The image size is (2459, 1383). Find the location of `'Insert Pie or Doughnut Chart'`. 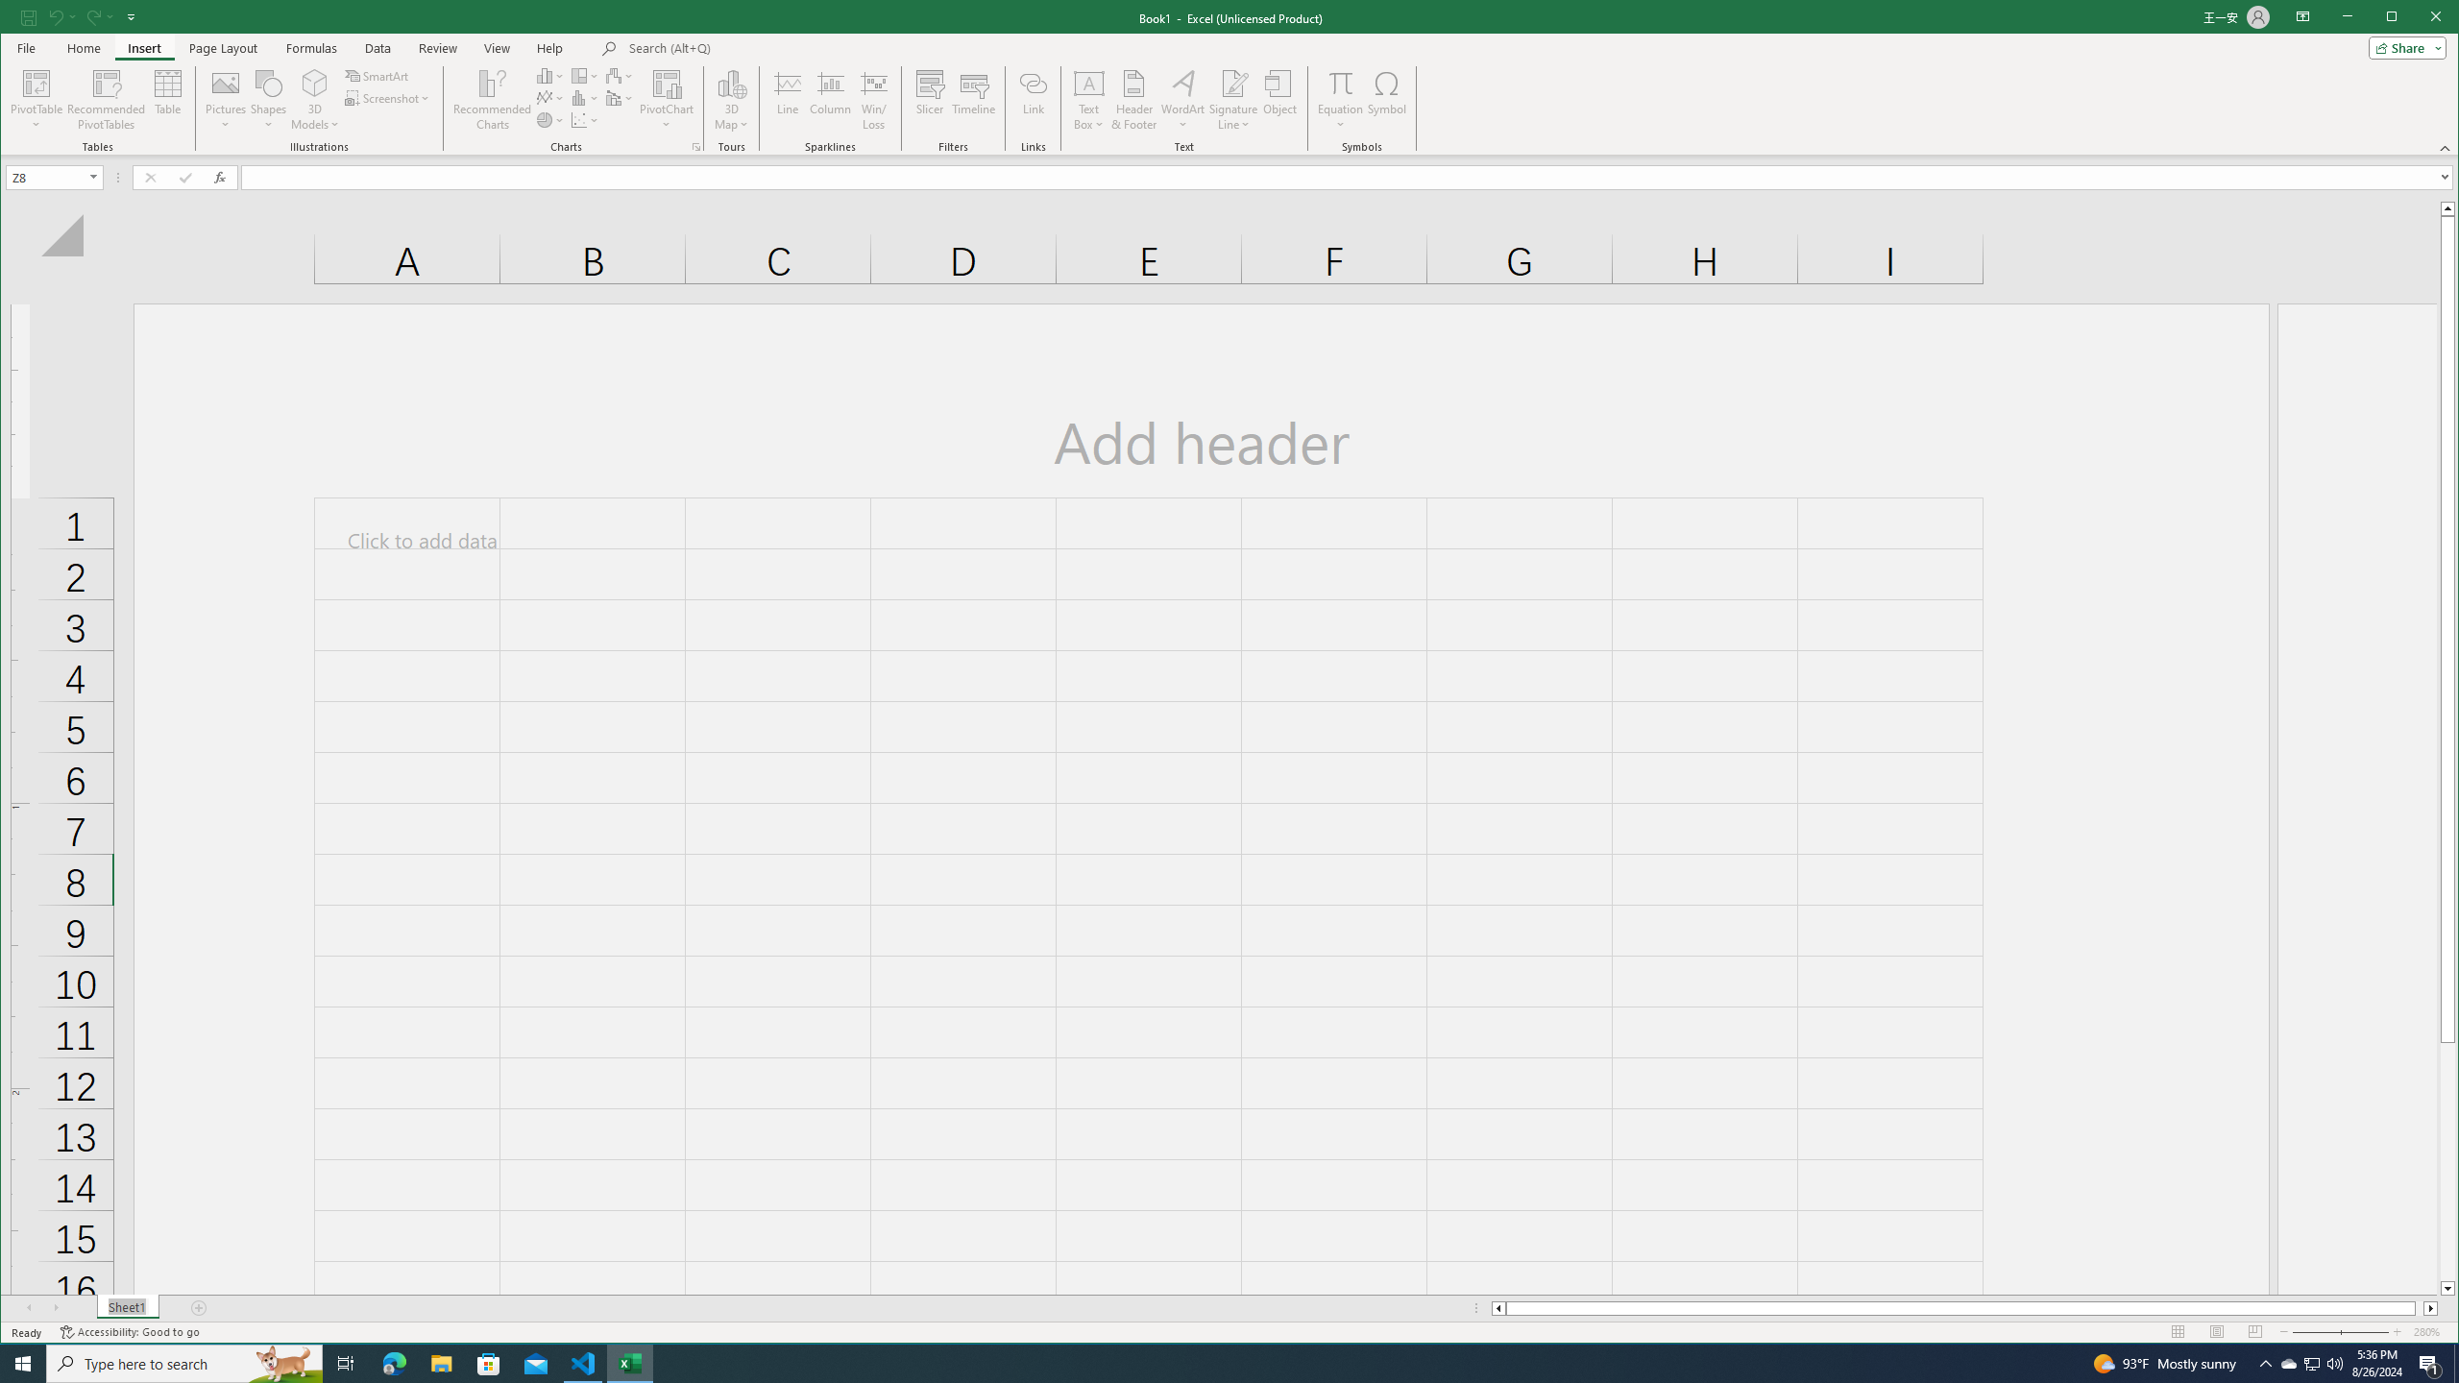

'Insert Pie or Doughnut Chart' is located at coordinates (549, 120).